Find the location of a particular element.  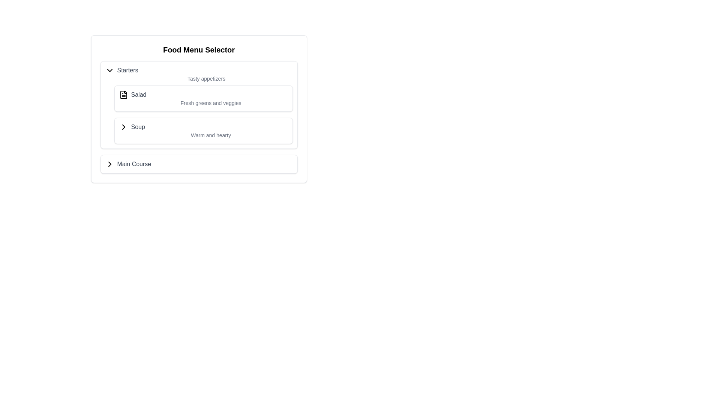

the text label displaying 'Warm and hearty' to check for any tooltips that may appear is located at coordinates (203, 135).